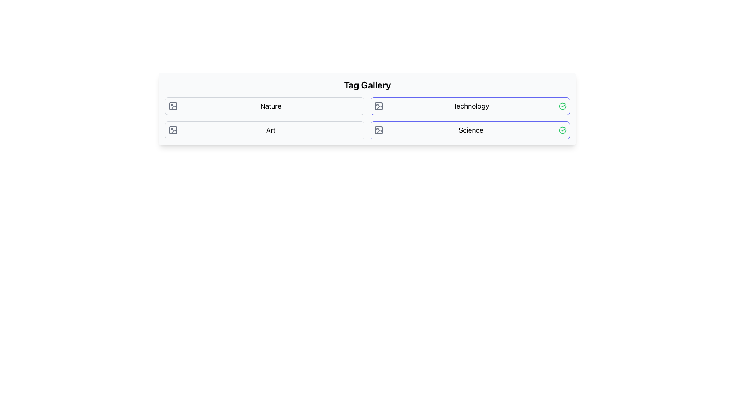 This screenshot has width=745, height=419. I want to click on the triangular segment of the graphical icon within the 'Technology' button group in the top-right section of the layout, so click(379, 108).